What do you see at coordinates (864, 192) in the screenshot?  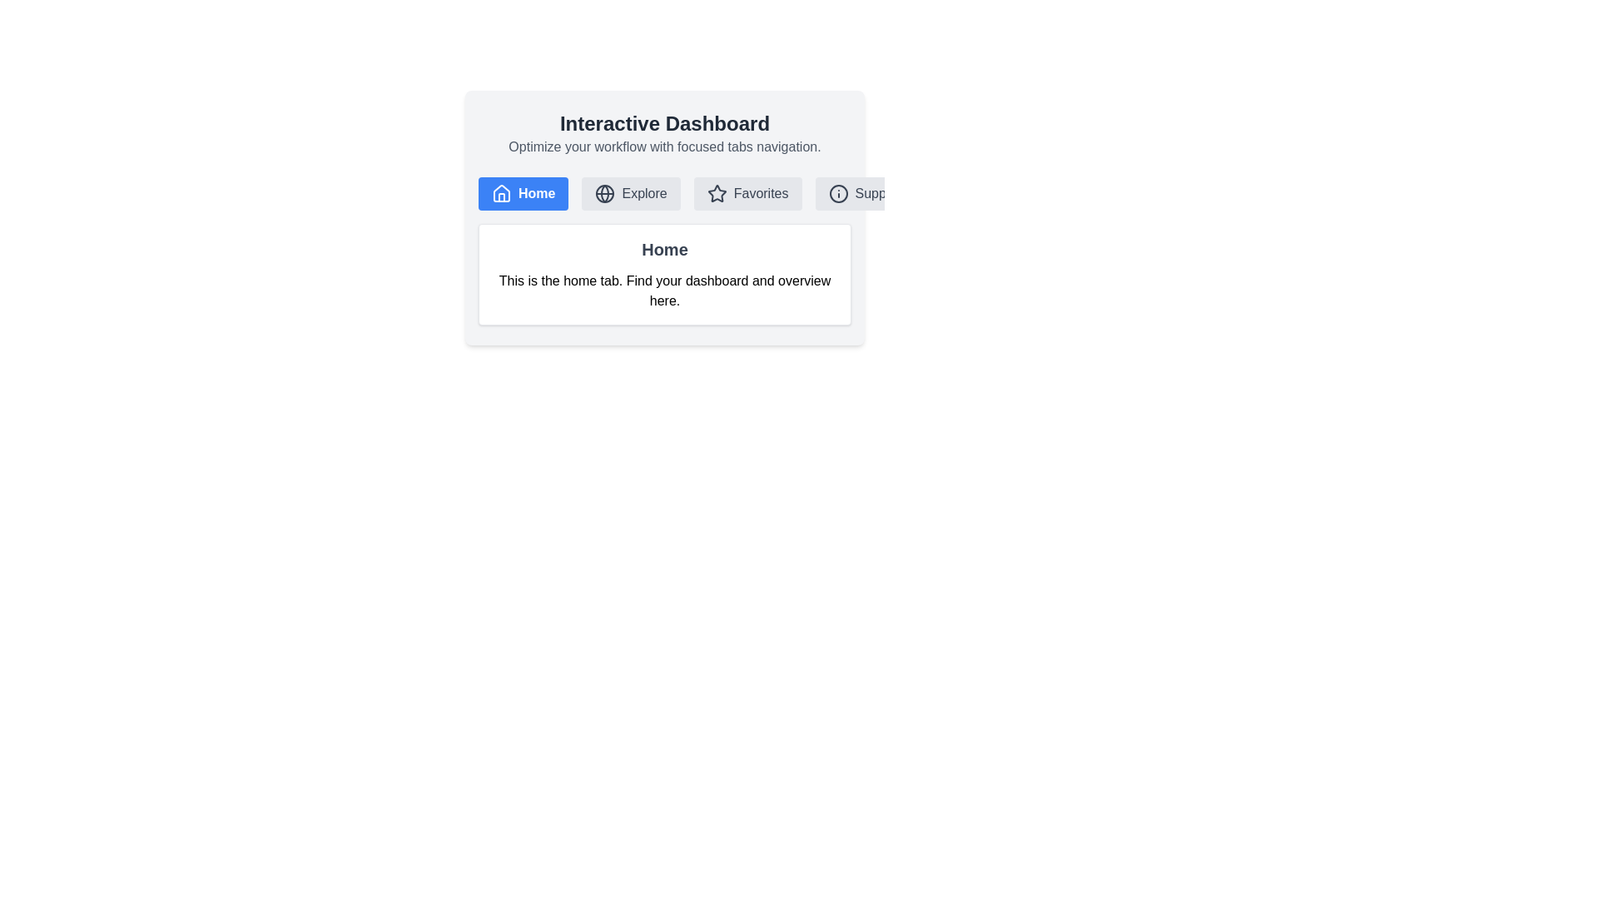 I see `the tab labeled Support to switch to it` at bounding box center [864, 192].